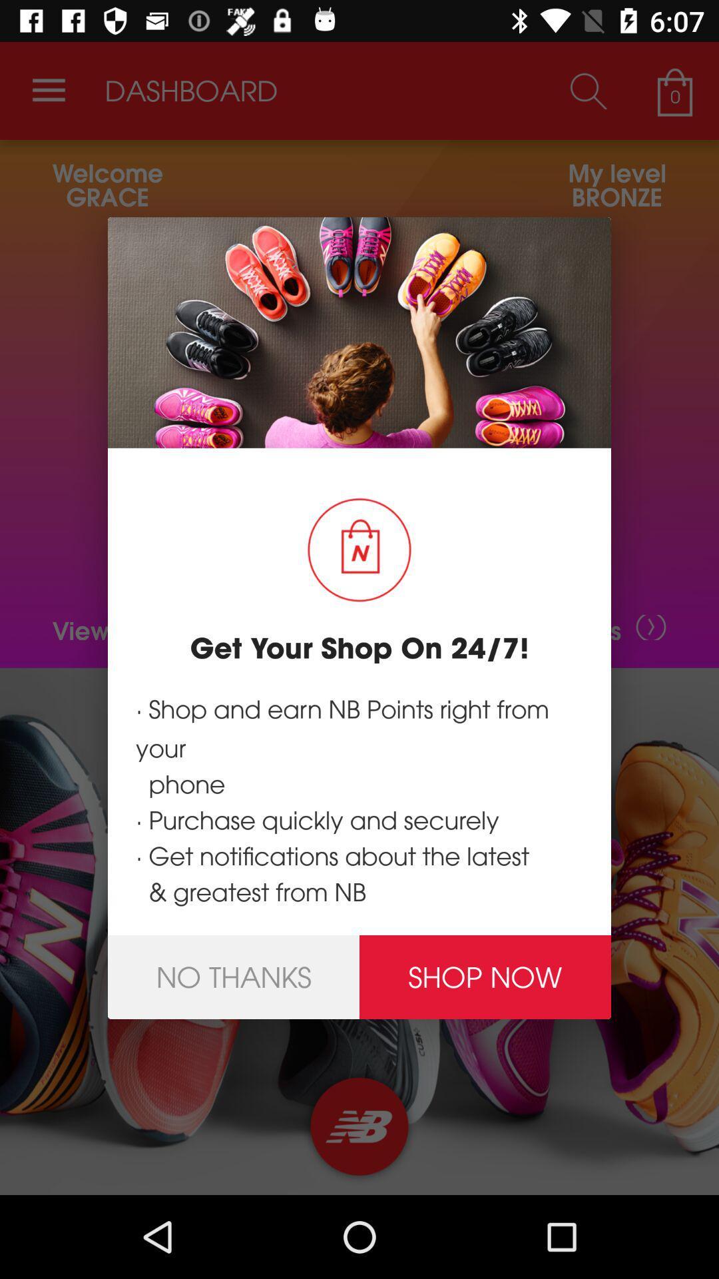  What do you see at coordinates (233, 977) in the screenshot?
I see `icon below the shop and earn` at bounding box center [233, 977].